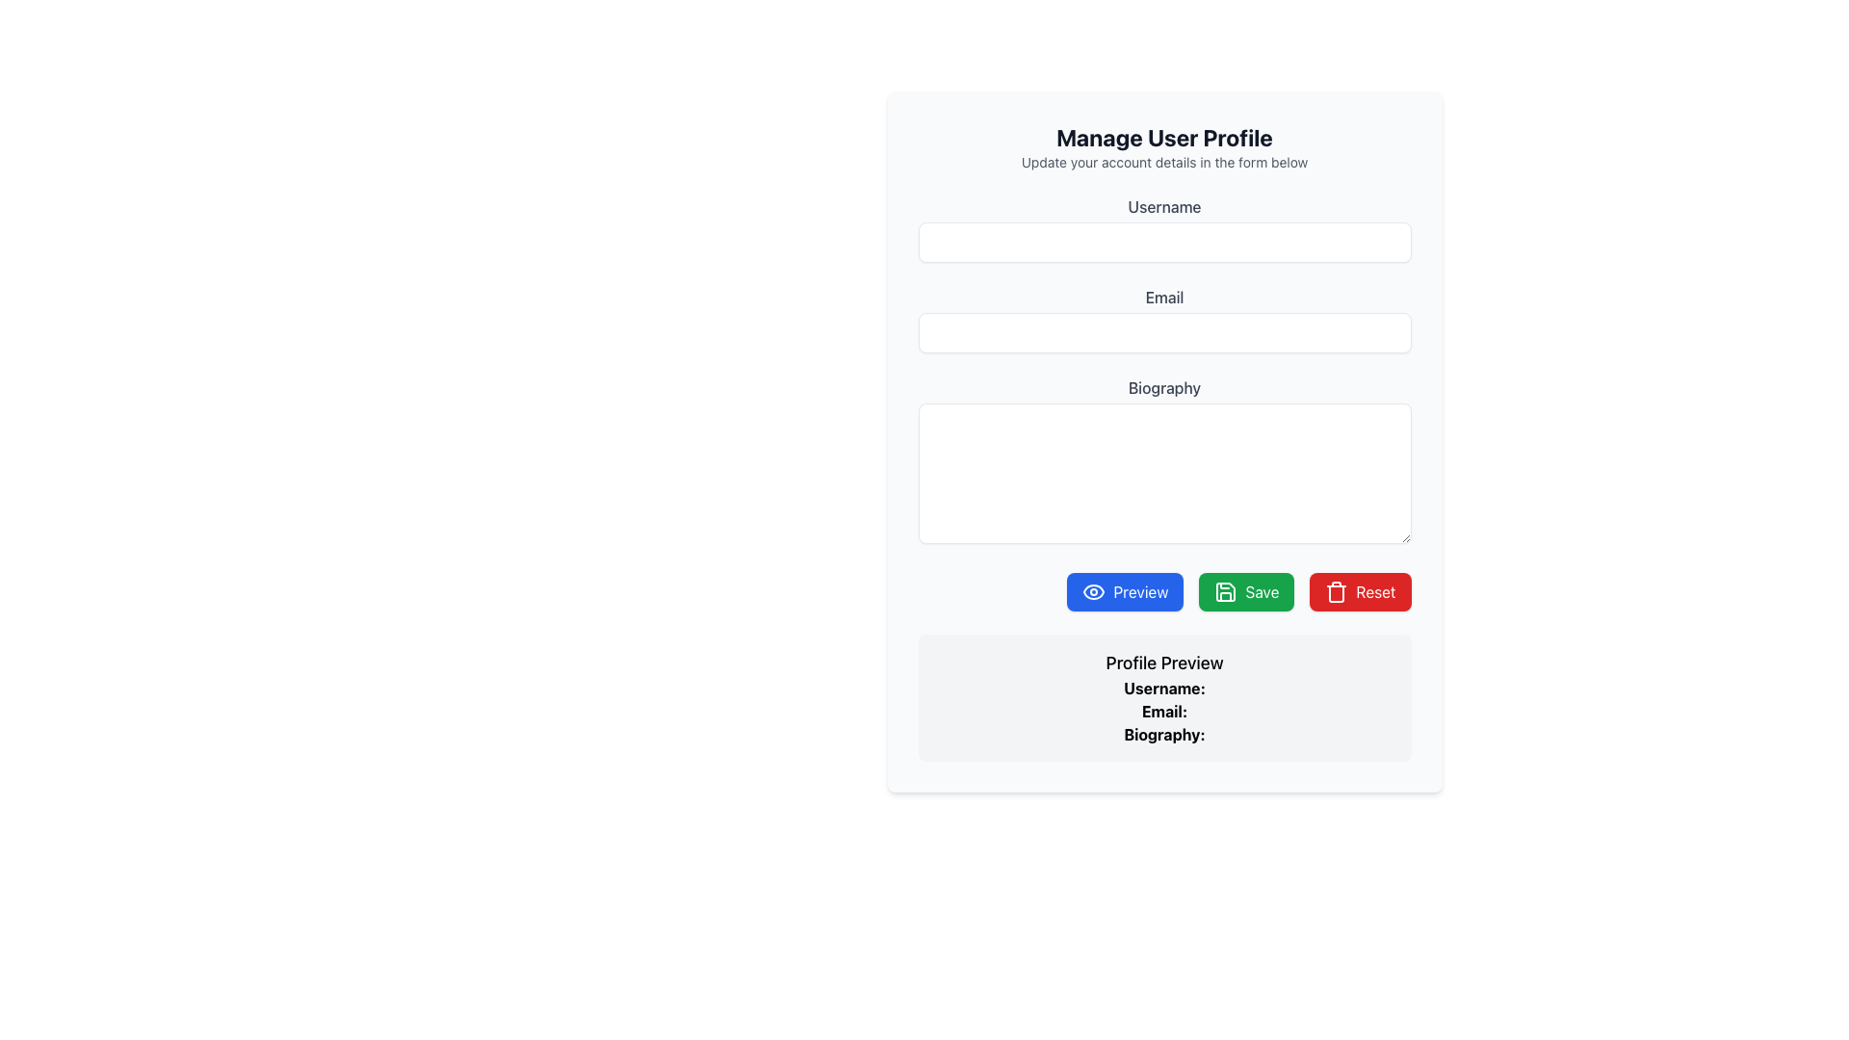 The image size is (1849, 1040). What do you see at coordinates (1140, 590) in the screenshot?
I see `the 'Preview' text label, which is displayed in white font on a blue background and is part of a rounded rectangular button group positioned at the center bottom area of the user interface` at bounding box center [1140, 590].